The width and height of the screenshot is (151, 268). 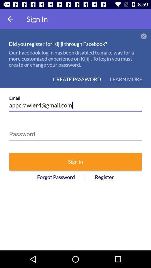 What do you see at coordinates (126, 79) in the screenshot?
I see `the item to the right of create password icon` at bounding box center [126, 79].